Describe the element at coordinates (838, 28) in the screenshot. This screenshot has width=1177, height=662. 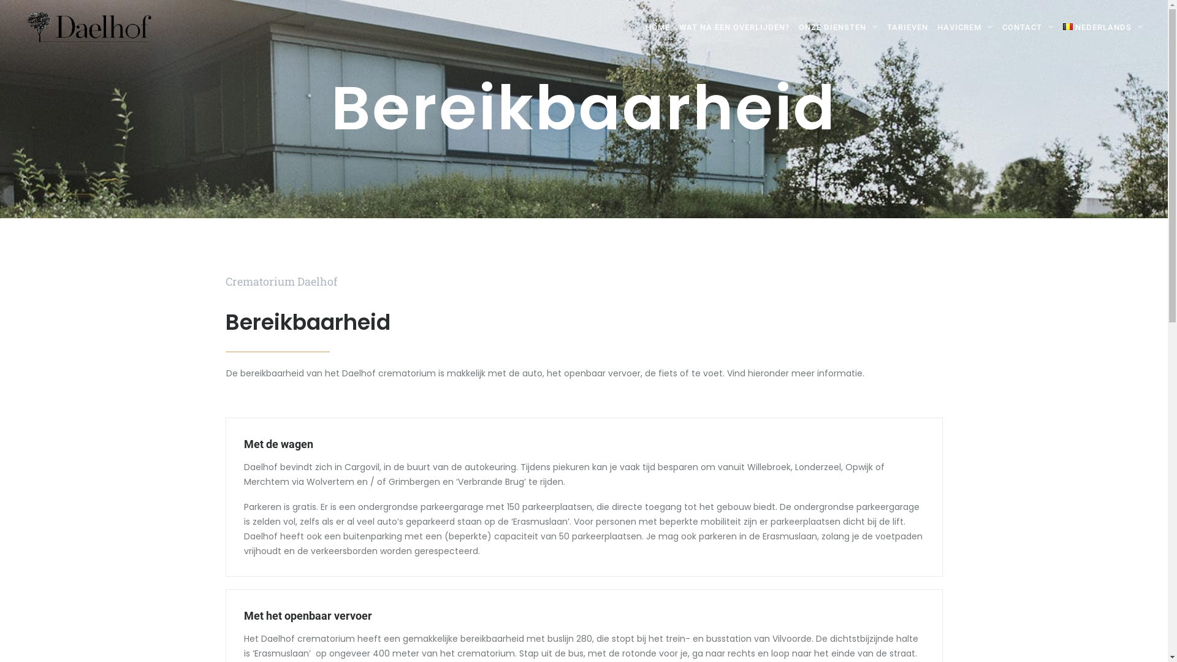
I see `'ONZE DIENSTEN'` at that location.